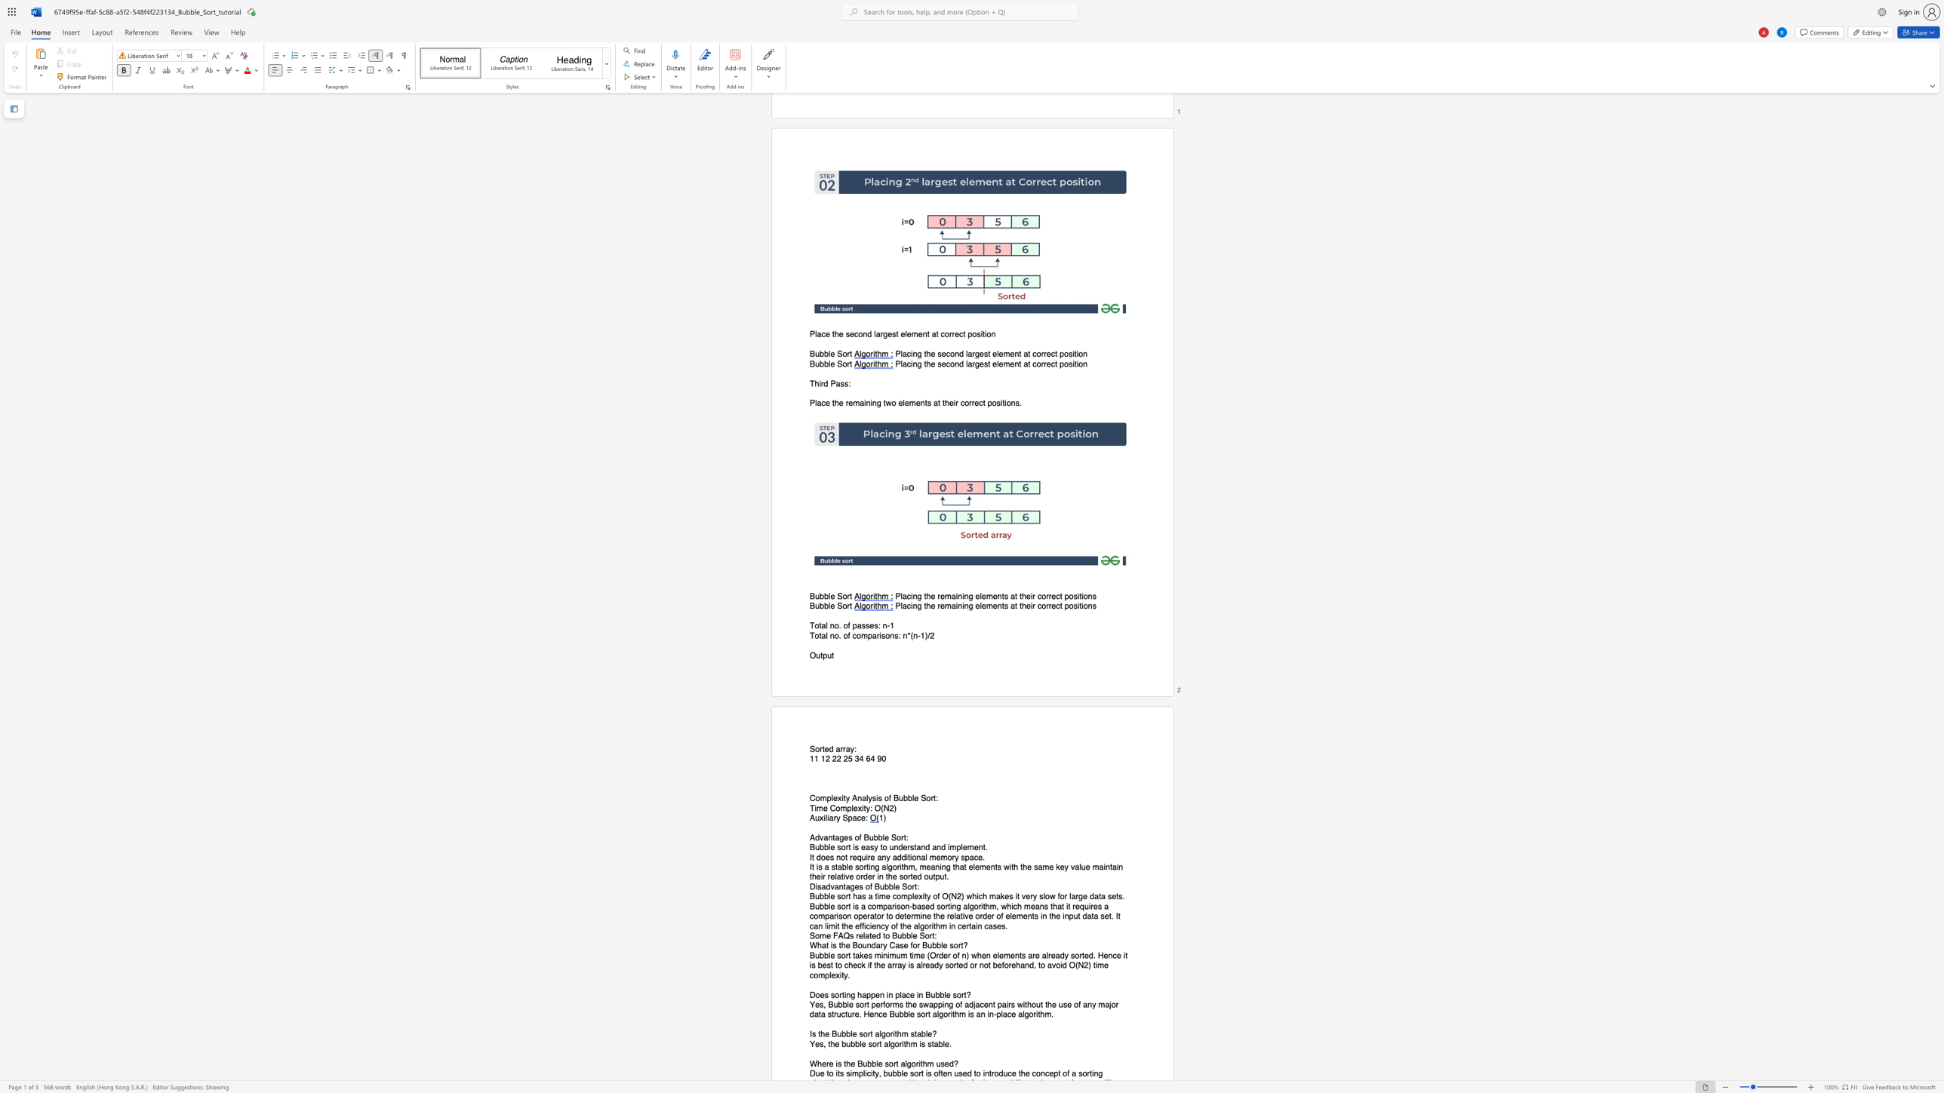 This screenshot has width=1944, height=1093. Describe the element at coordinates (865, 798) in the screenshot. I see `the subset text "lysis of B" within the text "Complexity Analysis of Bubble Sort:"` at that location.